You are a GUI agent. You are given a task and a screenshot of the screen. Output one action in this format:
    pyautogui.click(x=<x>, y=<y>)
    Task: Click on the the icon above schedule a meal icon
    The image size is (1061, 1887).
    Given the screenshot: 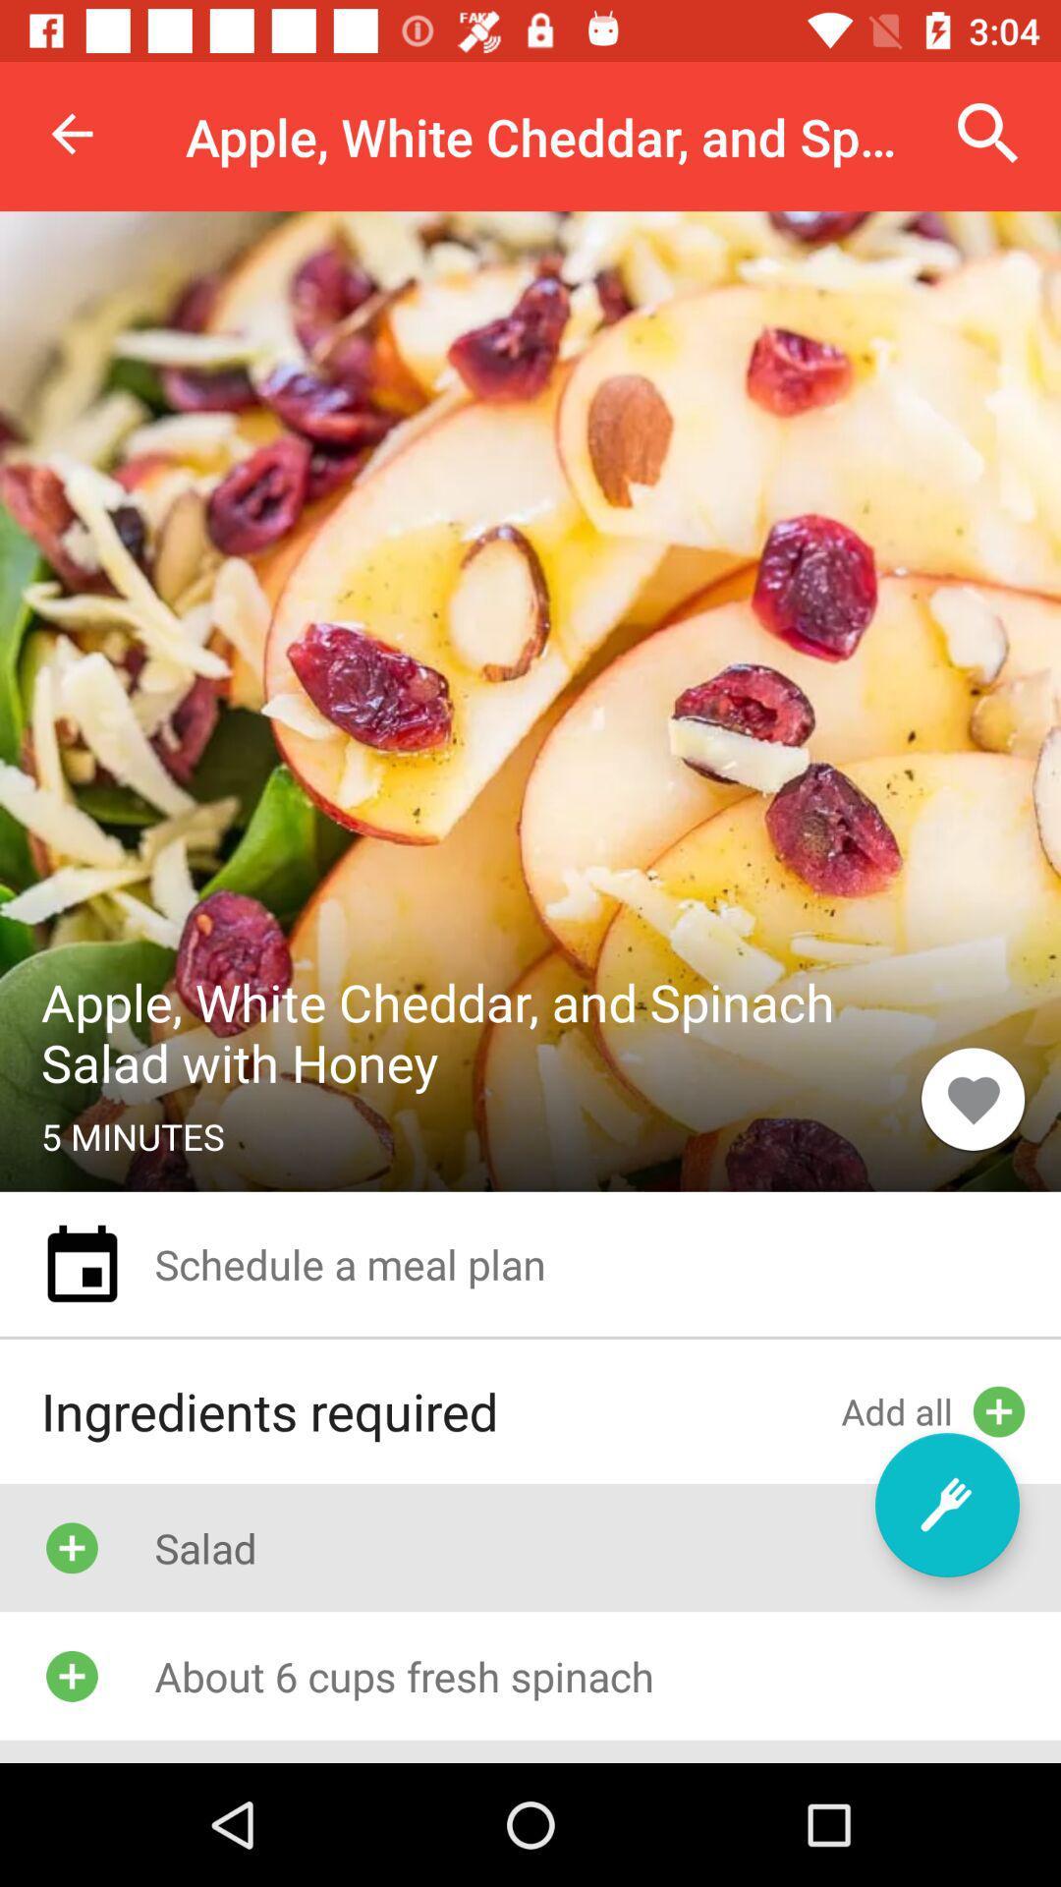 What is the action you would take?
    pyautogui.click(x=973, y=1098)
    